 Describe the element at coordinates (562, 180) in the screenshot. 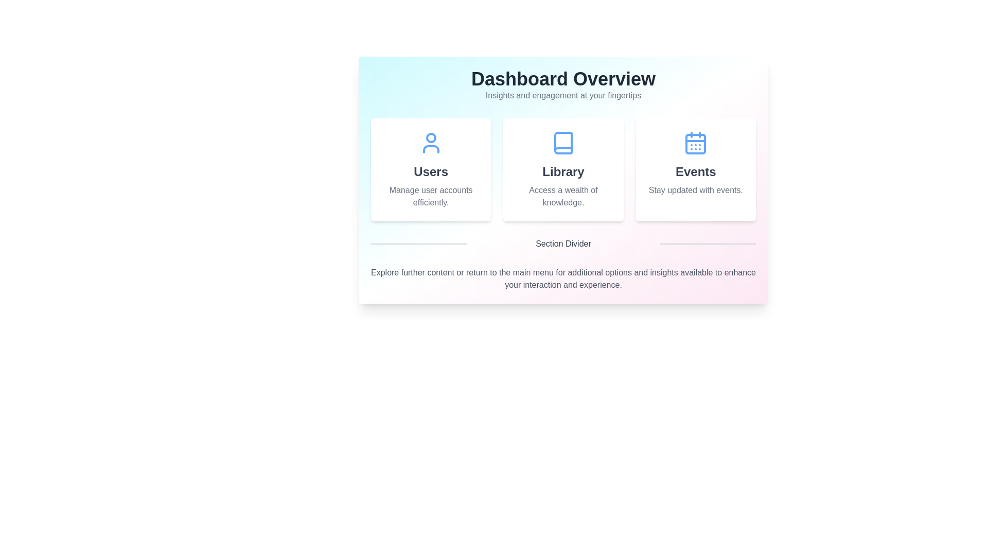

I see `the static informational card that serves as a navigation item for the library section of the application, located in the central card of the three-column grid layout` at that location.